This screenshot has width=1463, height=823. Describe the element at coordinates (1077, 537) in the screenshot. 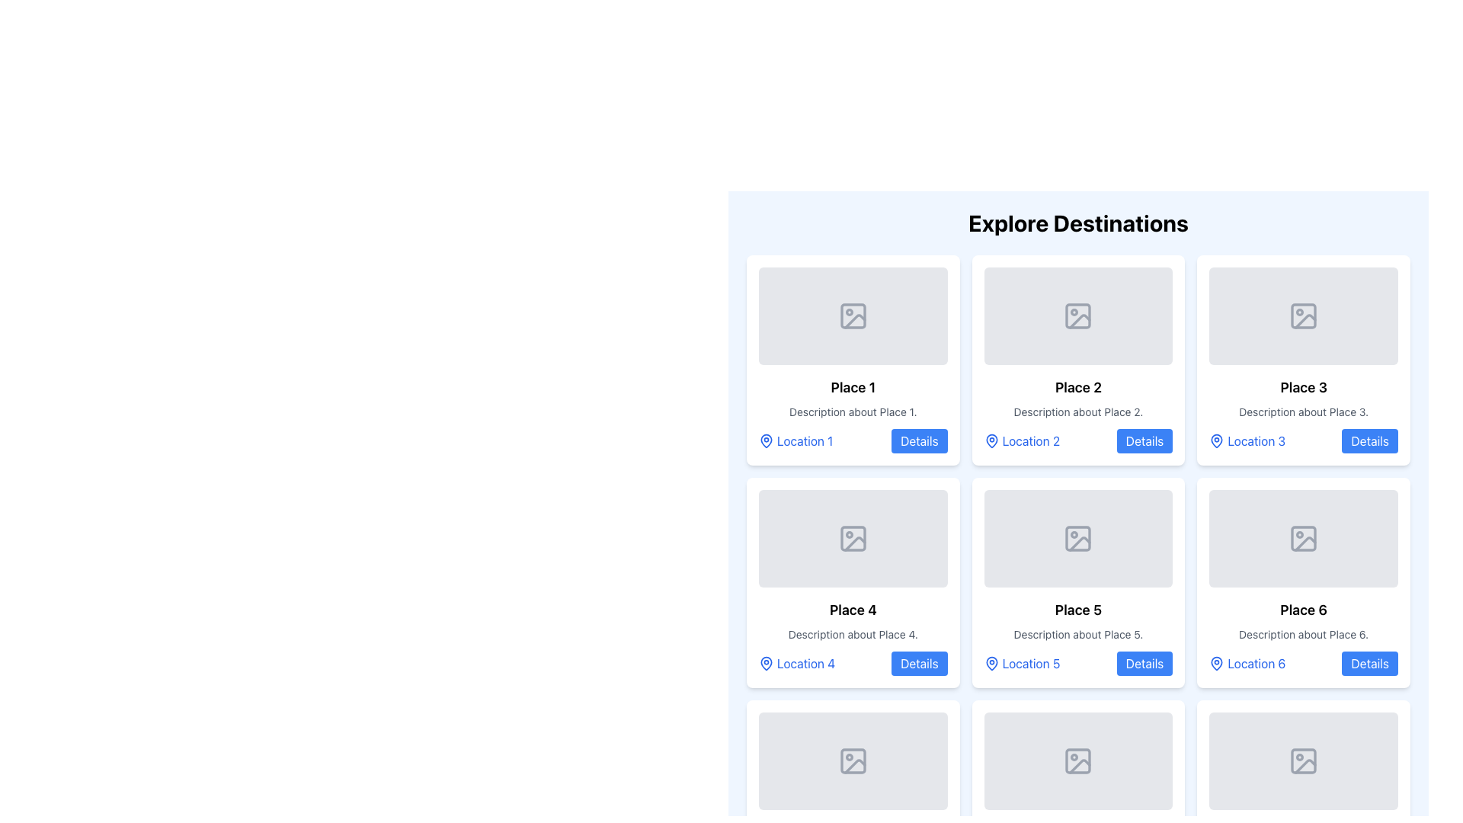

I see `the decorative graphic element located in the center of the image placeholder in the 'Place 5' box` at that location.